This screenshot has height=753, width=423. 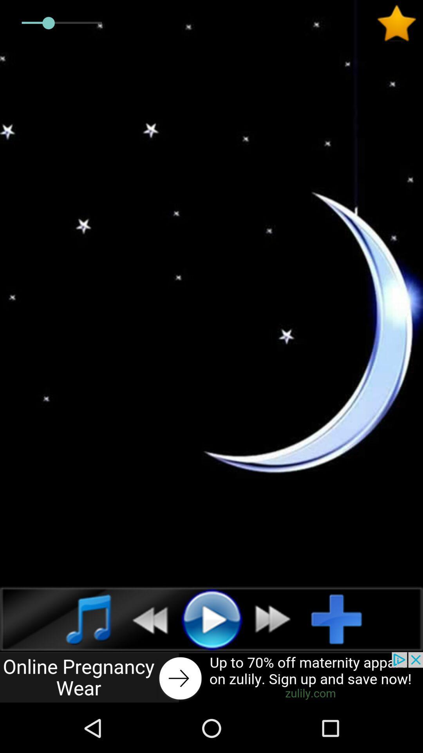 What do you see at coordinates (211, 677) in the screenshot?
I see `advertisement` at bounding box center [211, 677].